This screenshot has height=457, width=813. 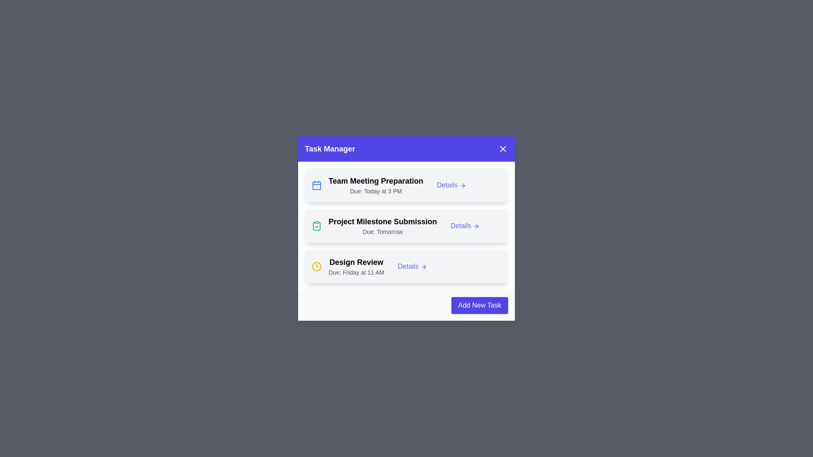 What do you see at coordinates (503, 148) in the screenshot?
I see `the Close Button (SVG Icon) located at the top-right of the task manager window` at bounding box center [503, 148].